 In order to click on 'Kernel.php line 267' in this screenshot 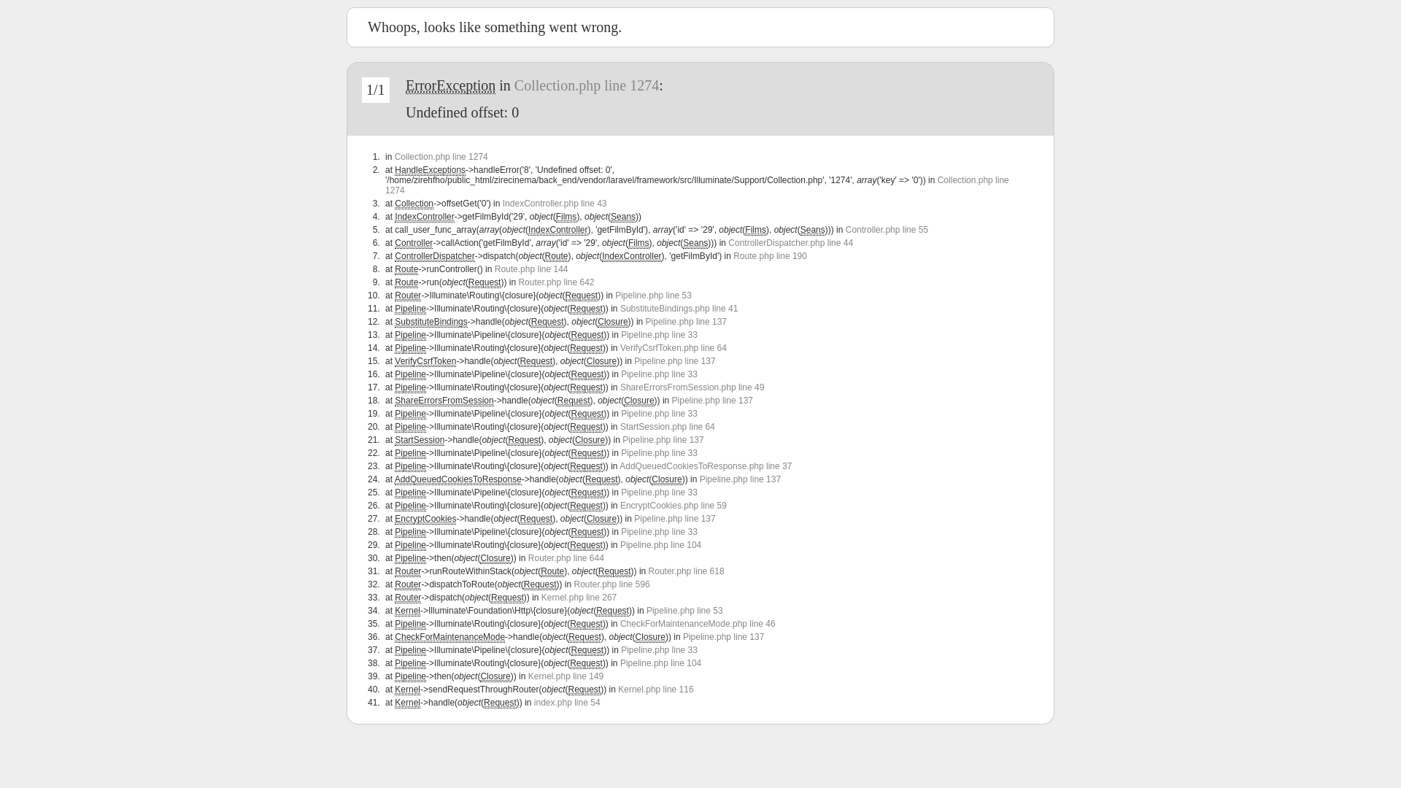, I will do `click(578, 597)`.